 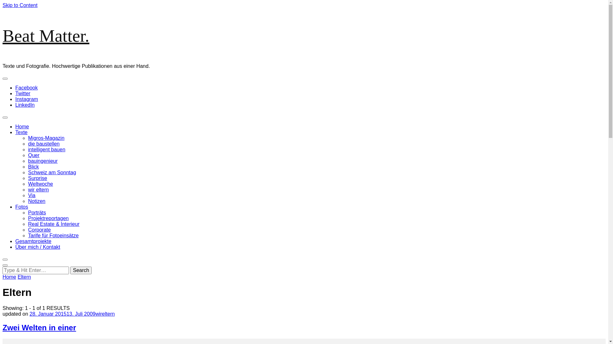 What do you see at coordinates (39, 327) in the screenshot?
I see `'Zwei Welten in einer'` at bounding box center [39, 327].